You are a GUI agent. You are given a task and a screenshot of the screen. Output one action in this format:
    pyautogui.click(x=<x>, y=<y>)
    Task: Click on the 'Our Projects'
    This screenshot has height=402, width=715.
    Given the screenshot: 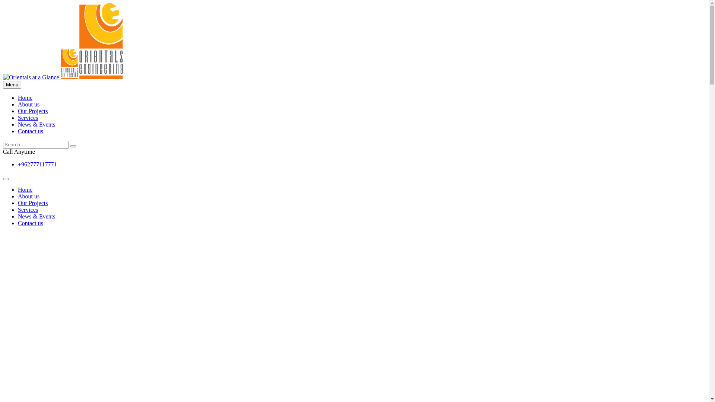 What is the action you would take?
    pyautogui.click(x=32, y=203)
    